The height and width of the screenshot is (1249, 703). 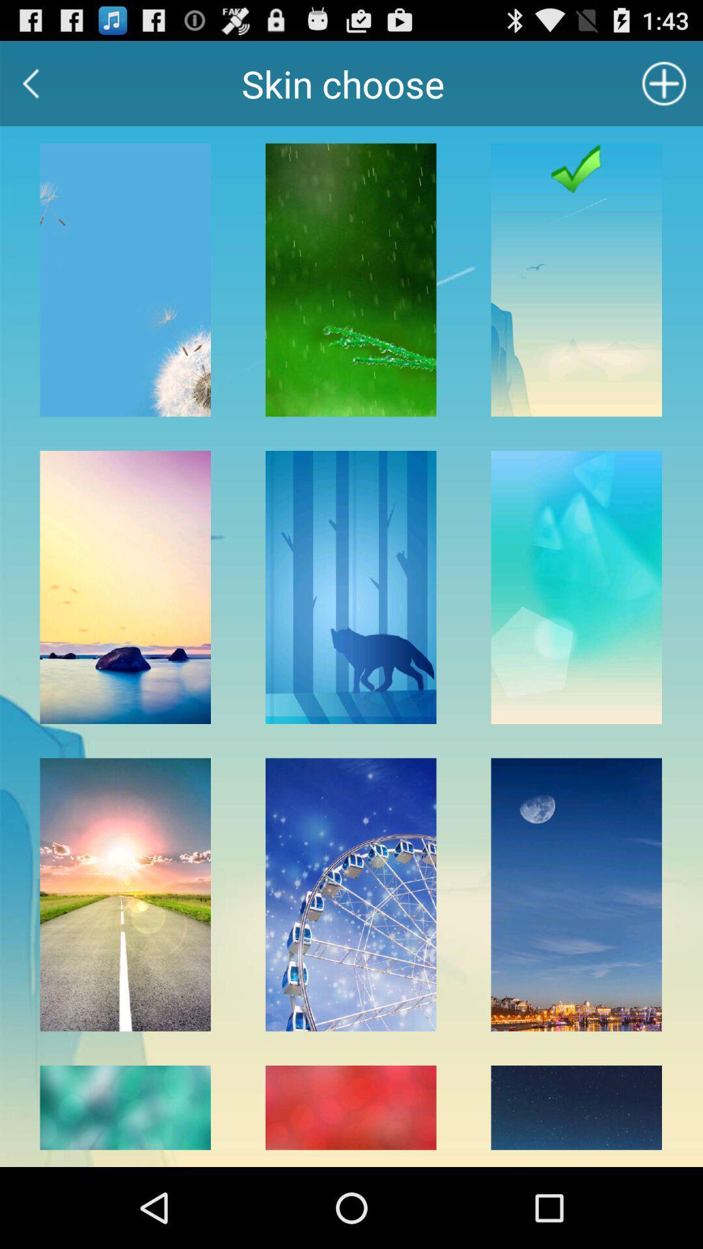 I want to click on the item next to skin choose item, so click(x=30, y=83).